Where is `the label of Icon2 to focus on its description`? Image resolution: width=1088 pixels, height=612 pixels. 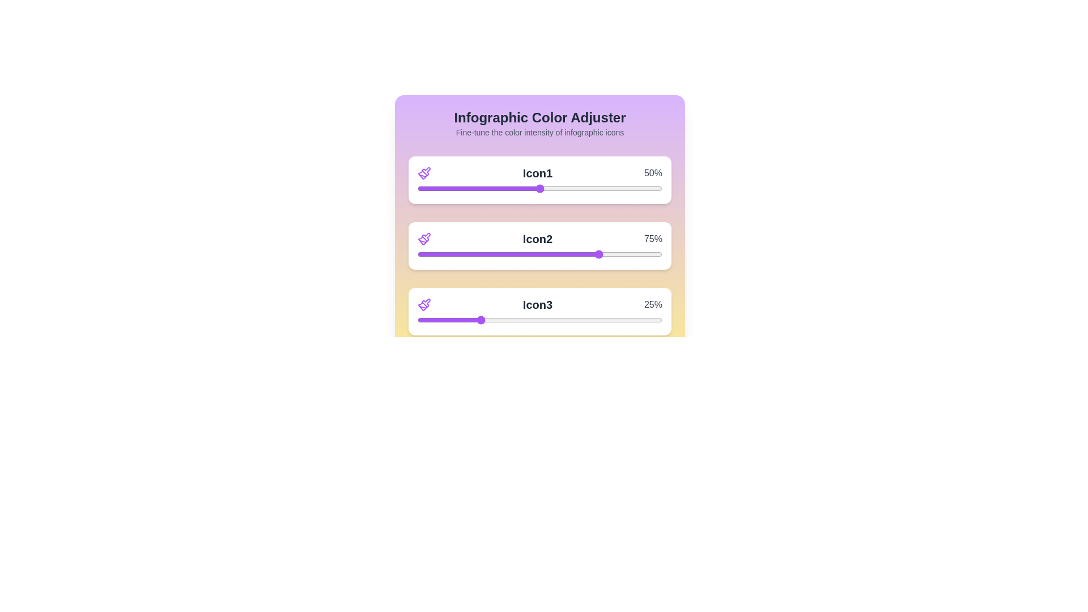
the label of Icon2 to focus on its description is located at coordinates (537, 238).